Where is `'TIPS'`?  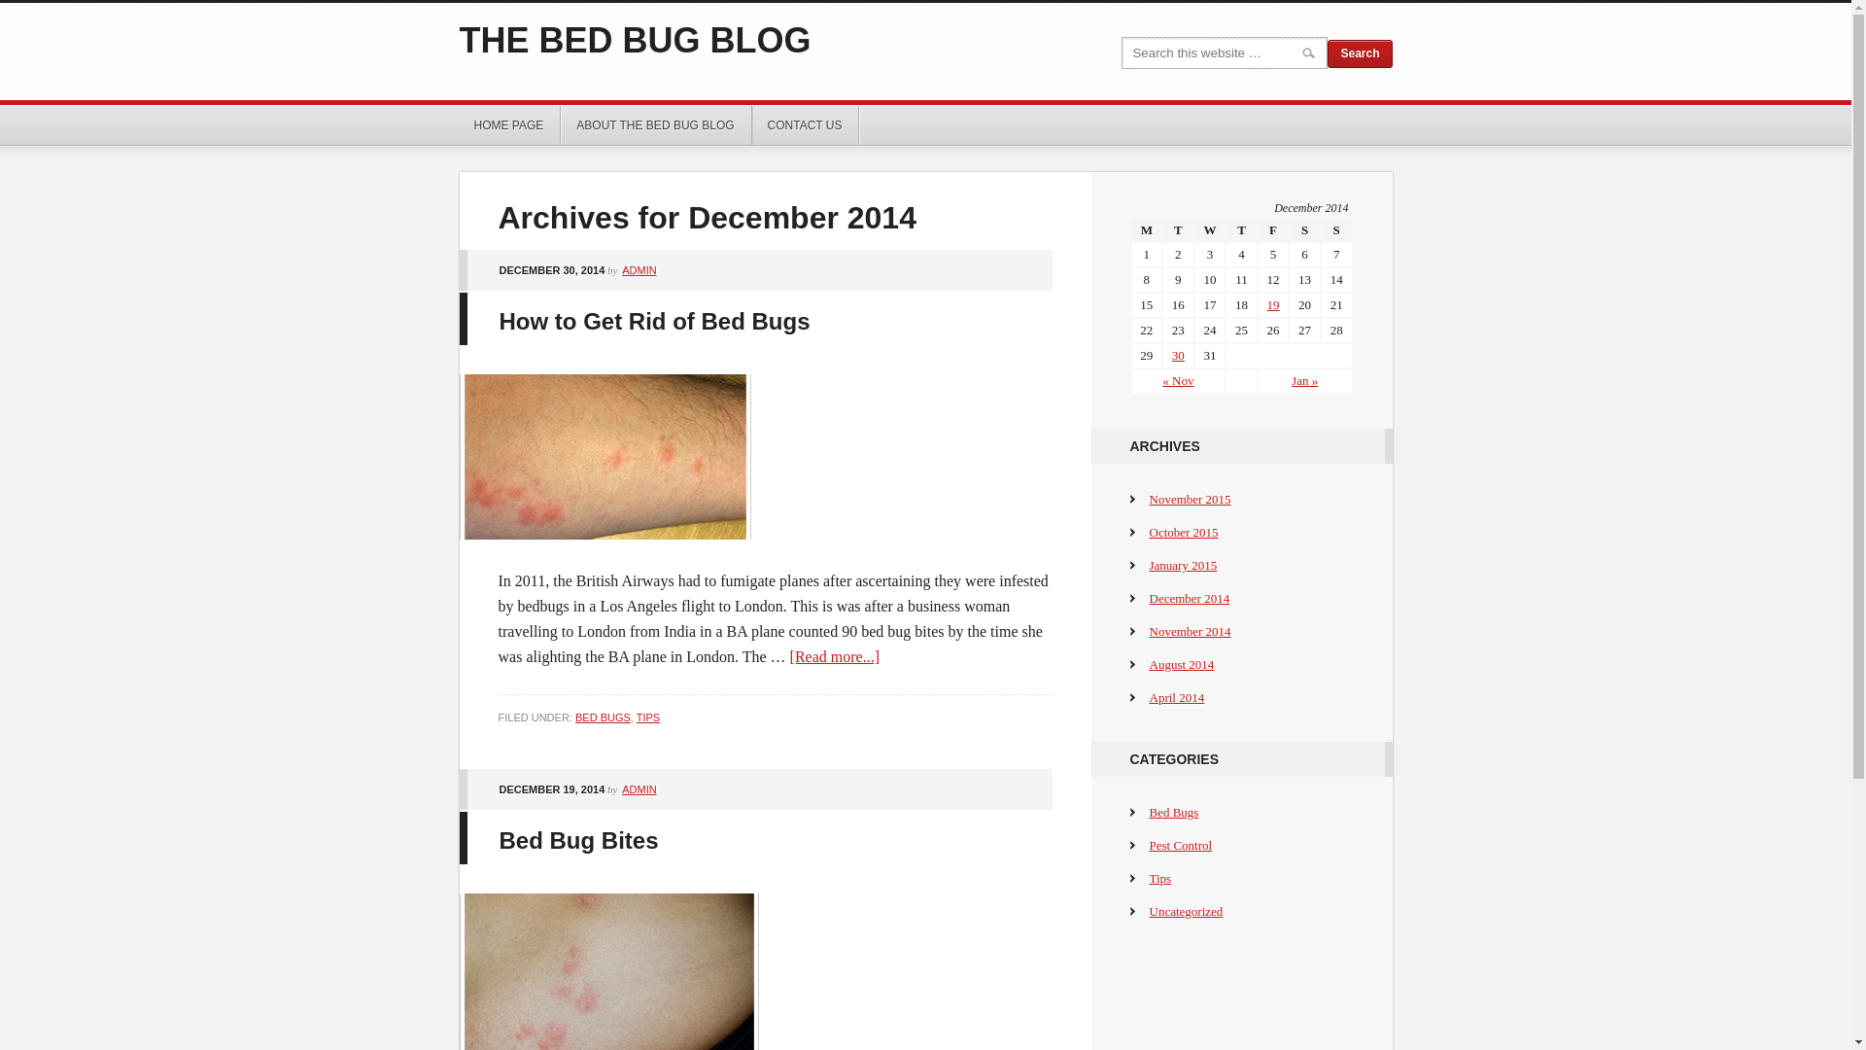 'TIPS' is located at coordinates (636, 717).